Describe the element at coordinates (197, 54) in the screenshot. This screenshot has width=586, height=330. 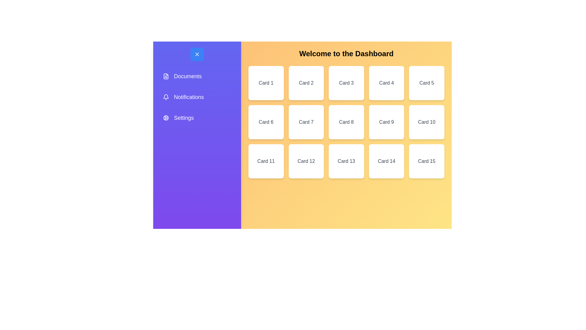
I see `toggle button to change the visibility of the sidebar drawer` at that location.